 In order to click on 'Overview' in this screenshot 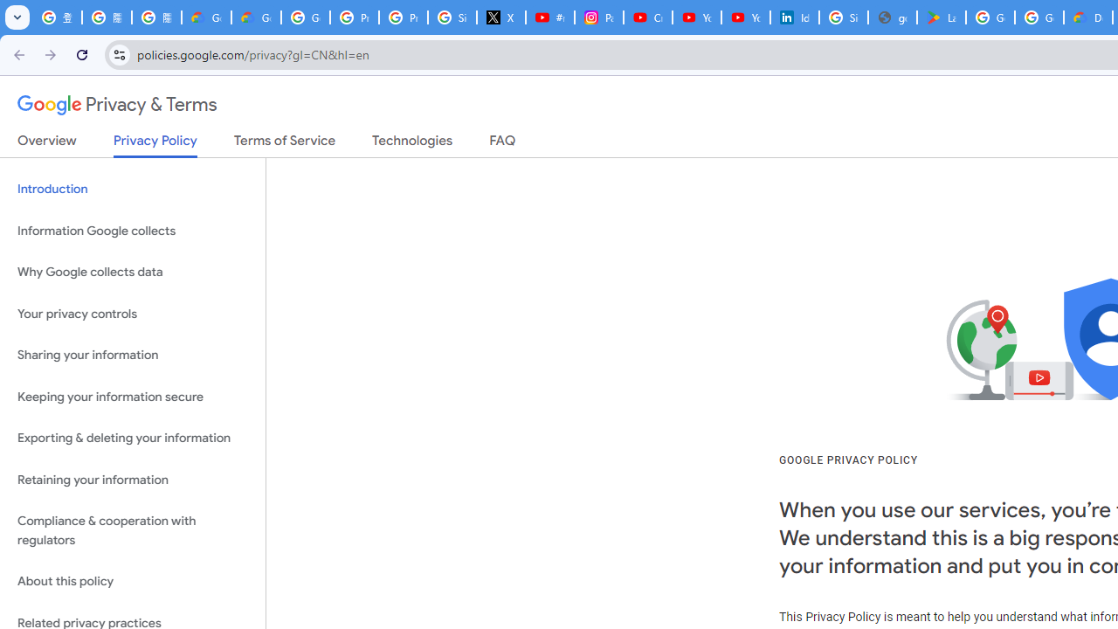, I will do `click(47, 143)`.